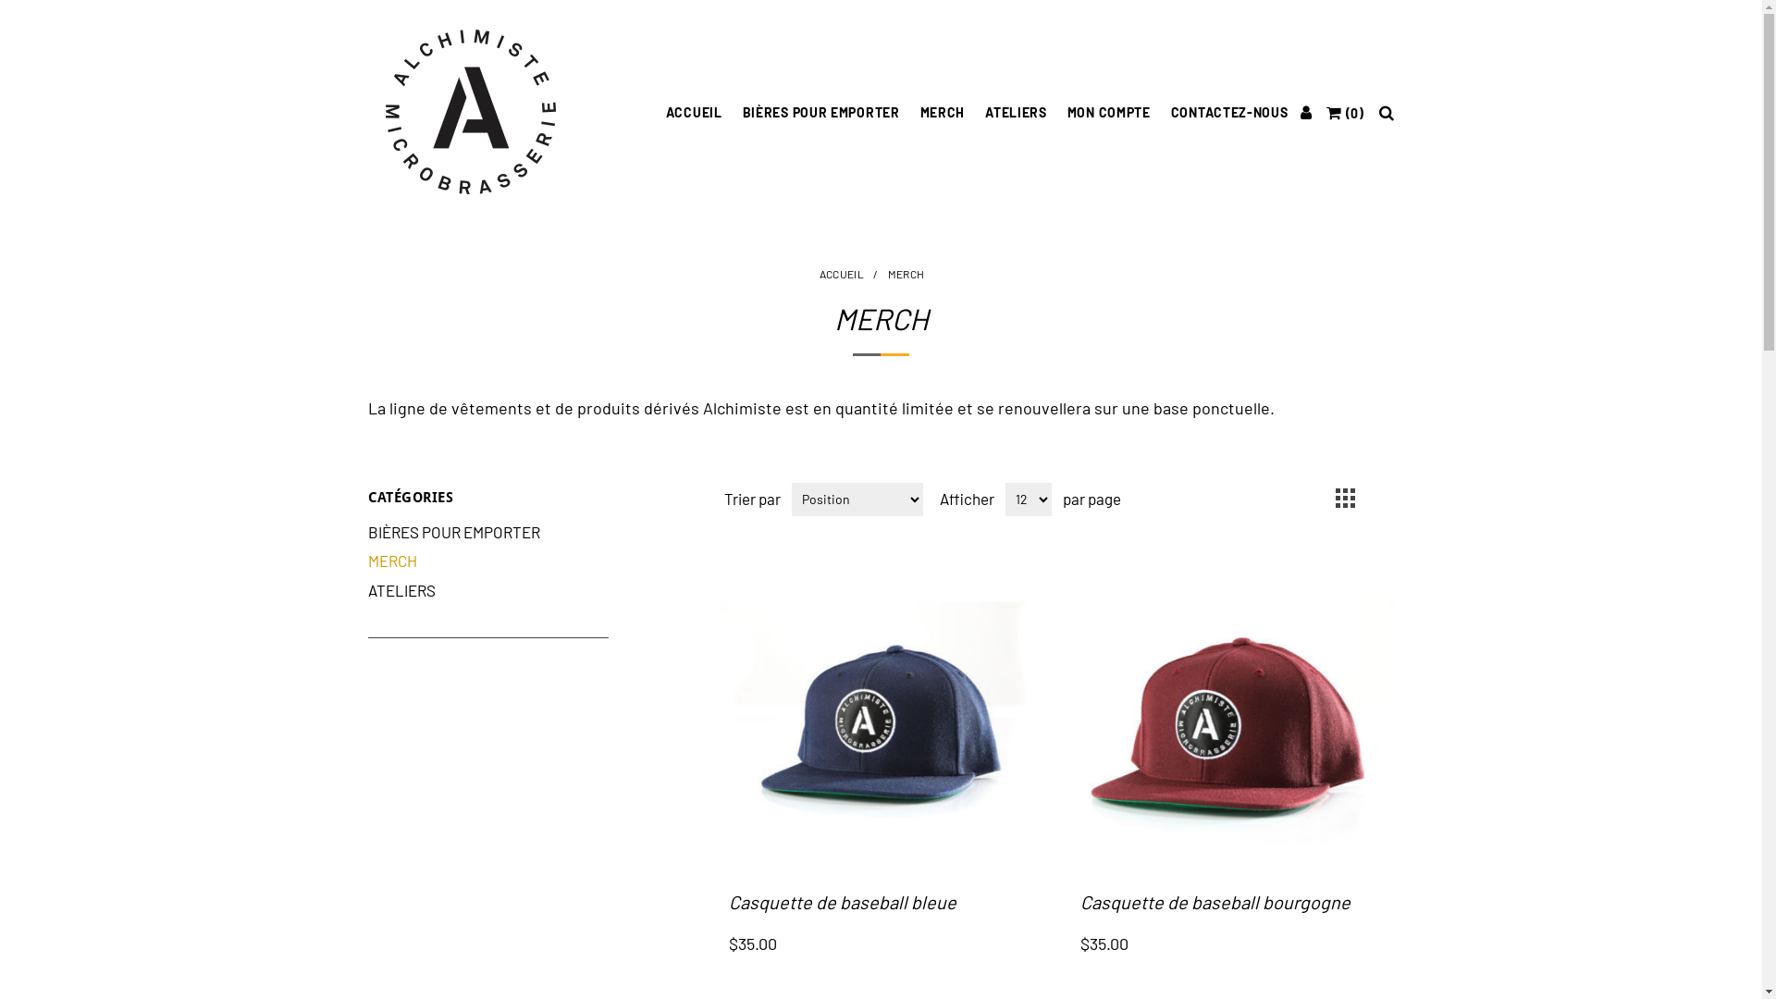 The height and width of the screenshot is (999, 1776). I want to click on 'CONTACTEZ-NOUS', so click(1170, 113).